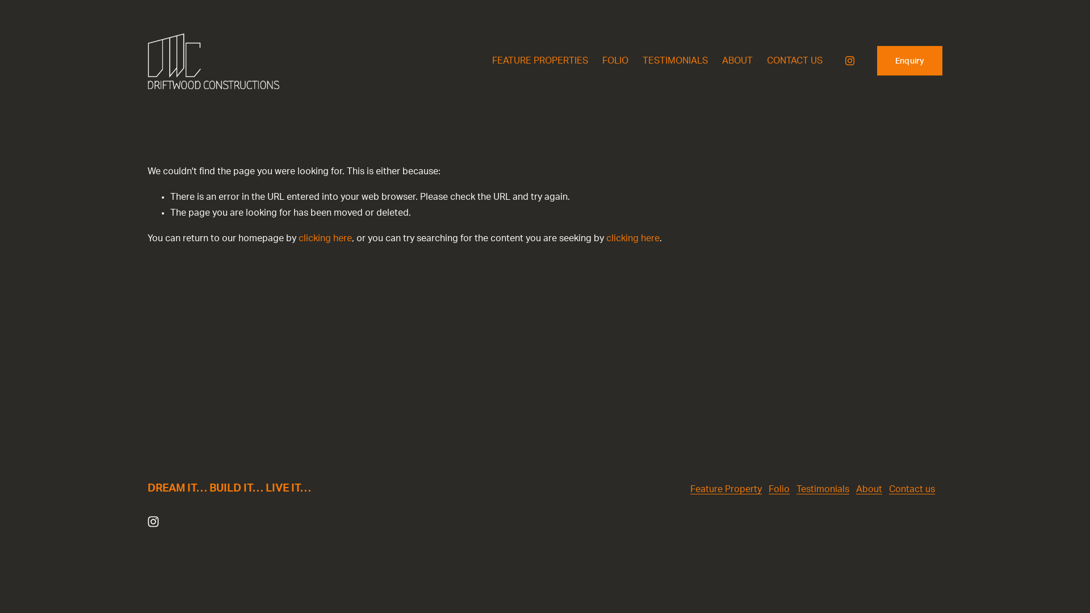 This screenshot has width=1090, height=613. Describe the element at coordinates (689, 489) in the screenshot. I see `'Feature Property'` at that location.